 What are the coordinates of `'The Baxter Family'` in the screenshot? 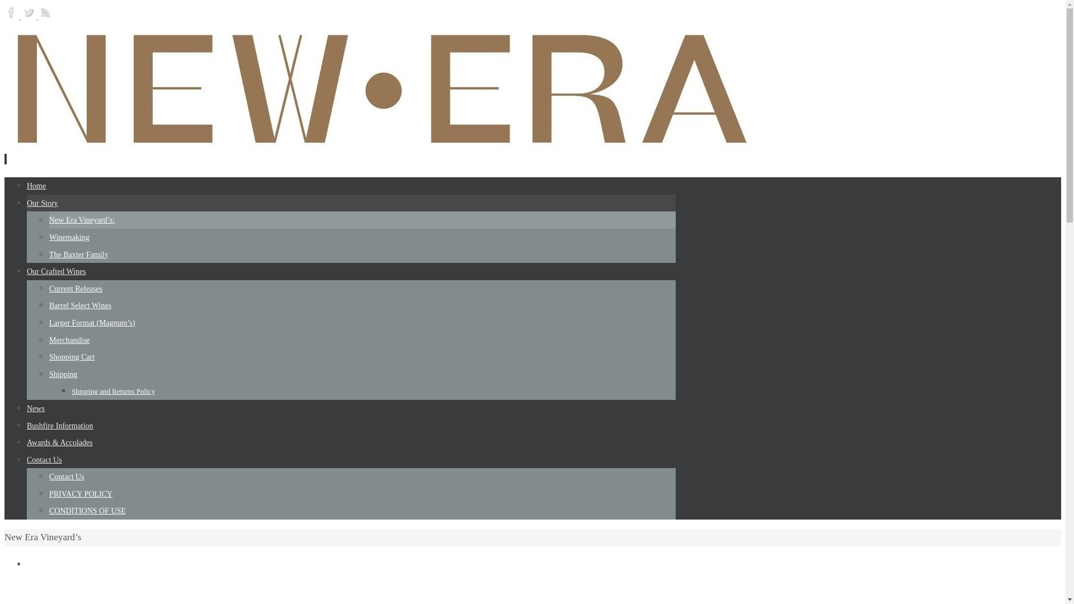 It's located at (48, 254).